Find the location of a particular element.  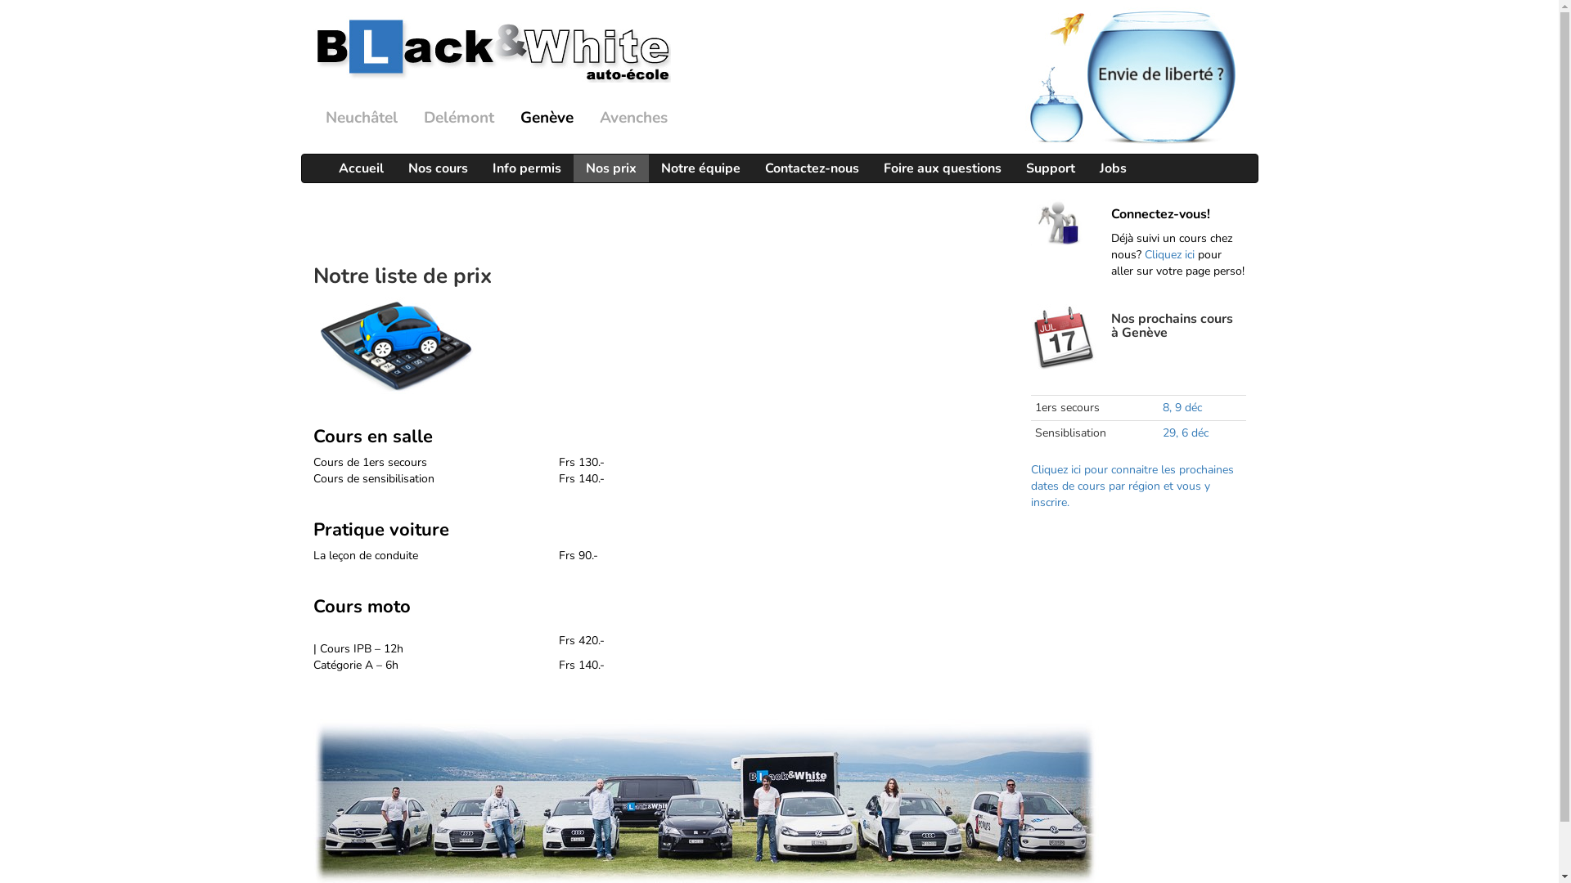

'Contactez-nous' is located at coordinates (812, 168).